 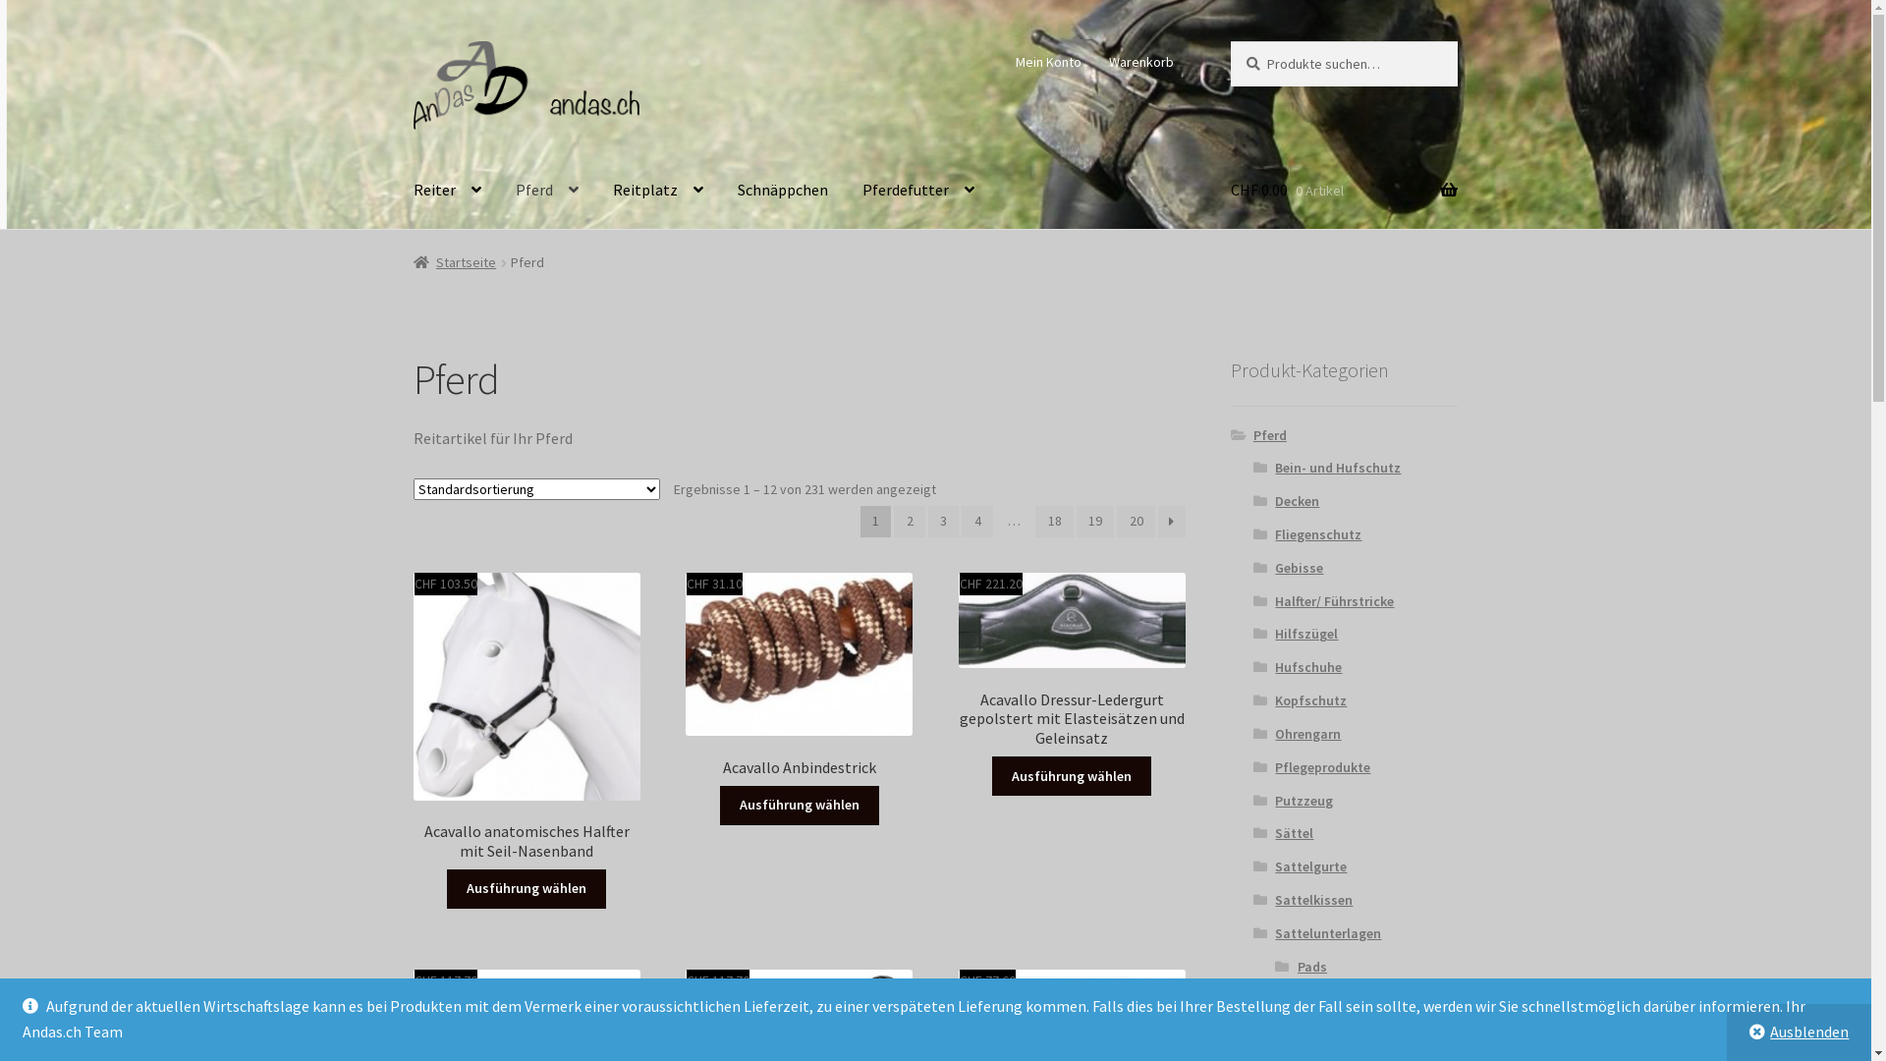 I want to click on 'Gebisse', so click(x=1274, y=568).